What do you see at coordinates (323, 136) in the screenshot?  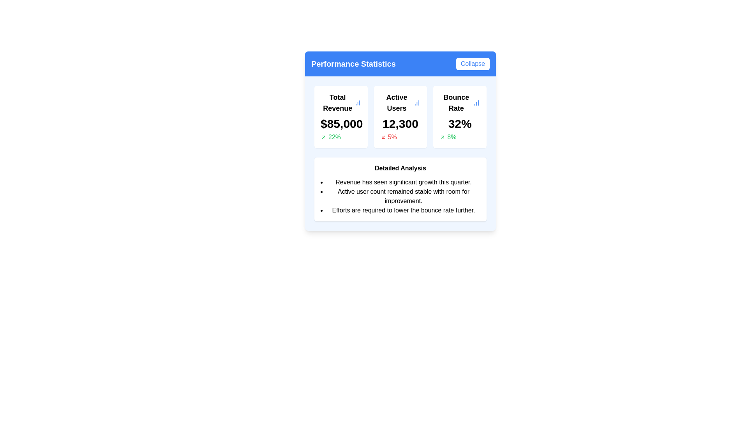 I see `properties of the upward-right arrow icon, which is styled in green and located to the left of the '22%' green text within the Total Revenue card` at bounding box center [323, 136].